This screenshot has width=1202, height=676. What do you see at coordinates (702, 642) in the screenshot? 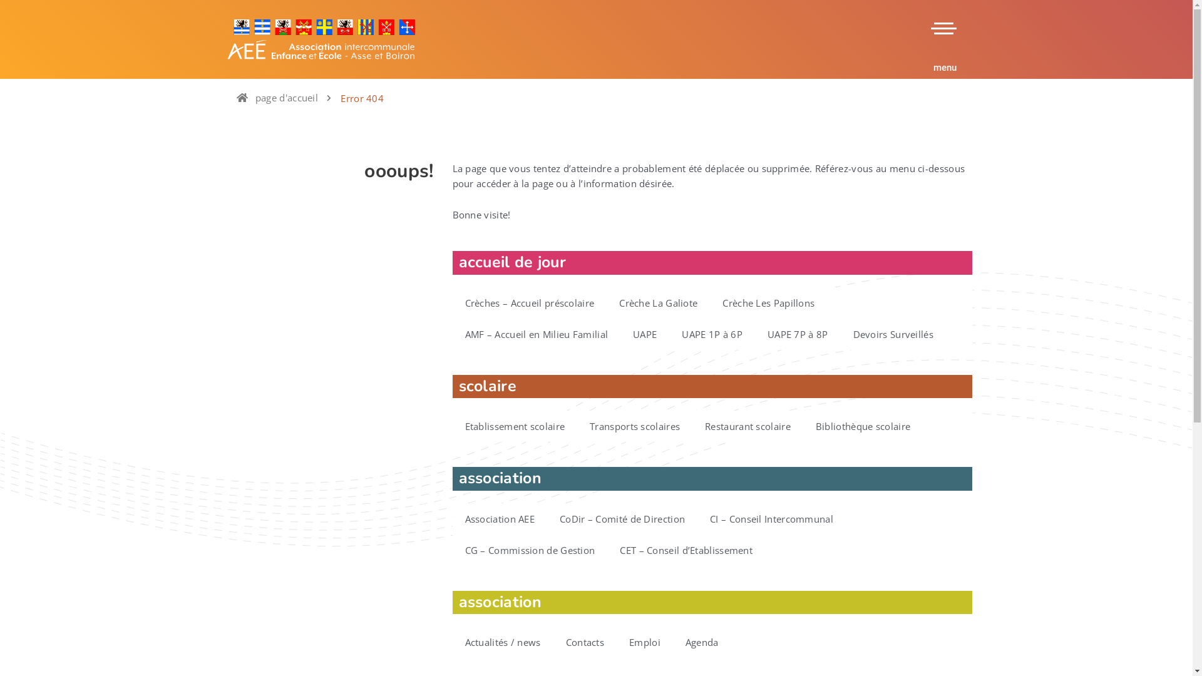
I see `'Agenda'` at bounding box center [702, 642].